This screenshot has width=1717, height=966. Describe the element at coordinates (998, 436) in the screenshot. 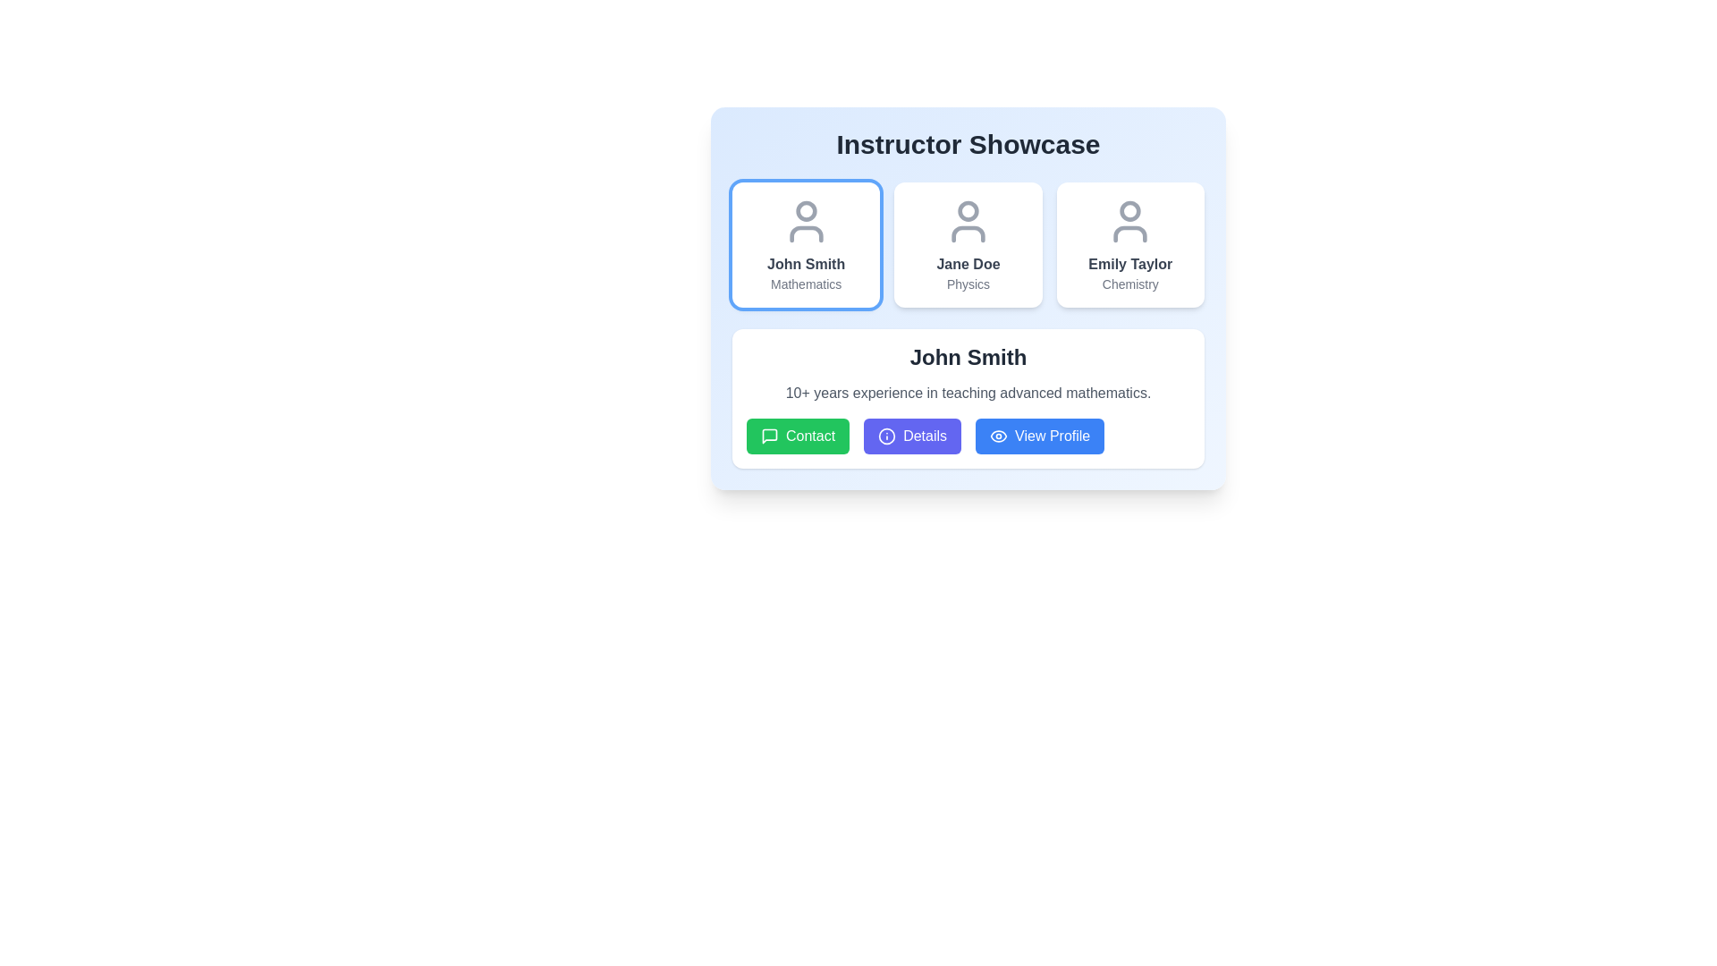

I see `the eye icon within the 'View Profile' button, which is located at the rightmost position among three buttons in the bottom part of the card for instructor 'John Smith'` at that location.